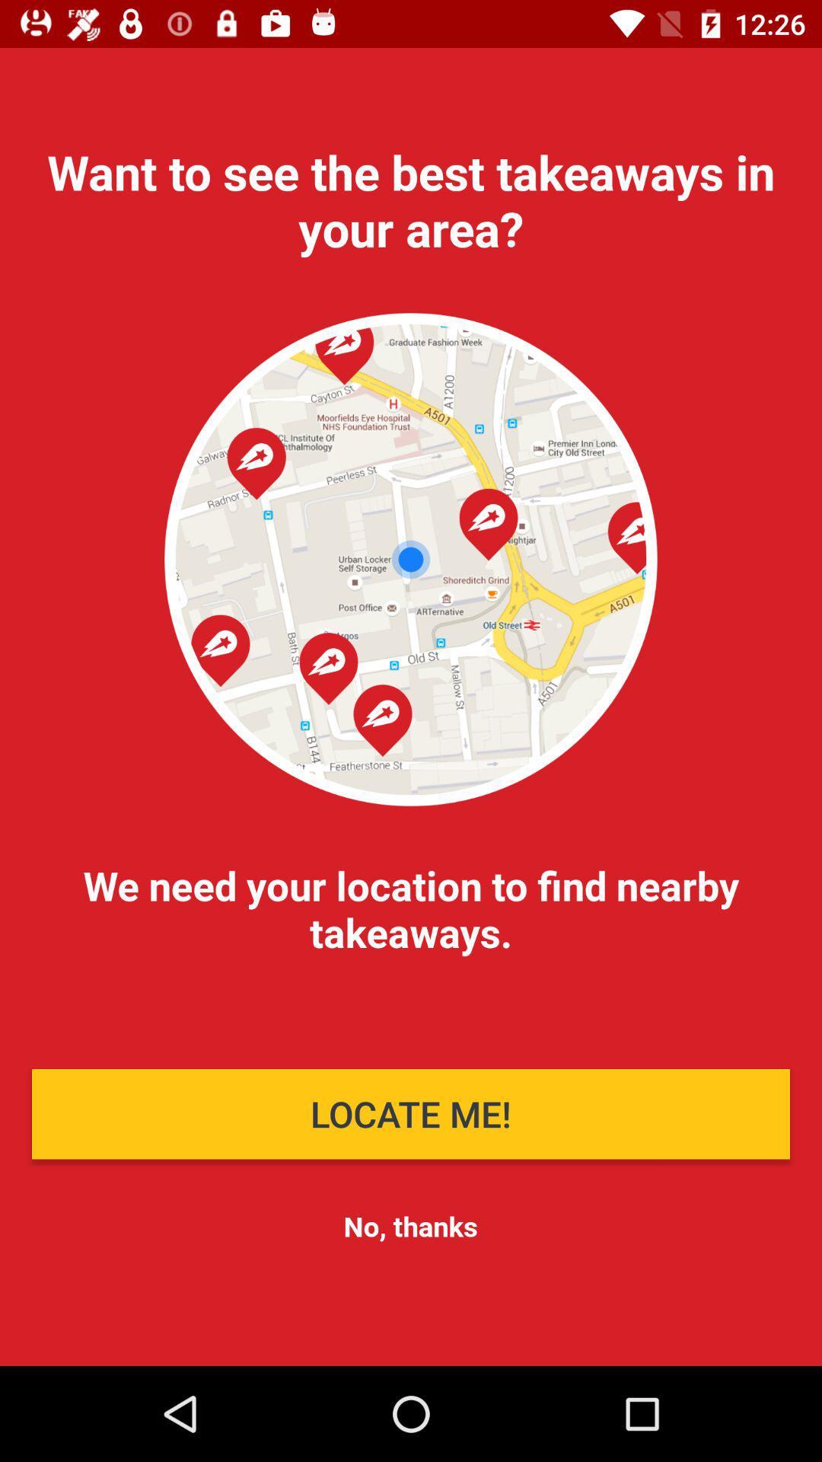 This screenshot has width=822, height=1462. I want to click on the no, thanks icon, so click(409, 1226).